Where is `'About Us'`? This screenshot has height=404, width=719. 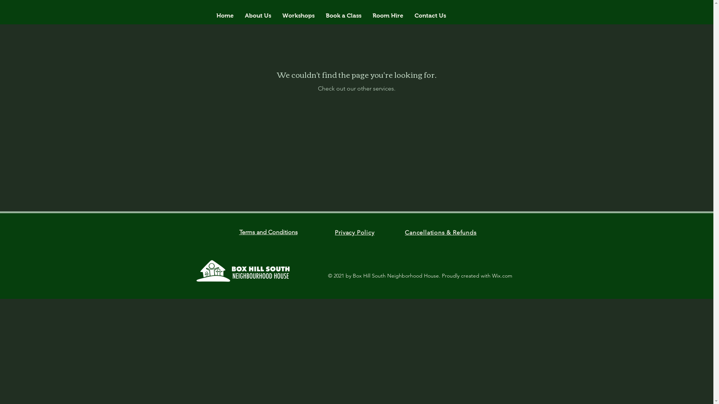
'About Us' is located at coordinates (258, 16).